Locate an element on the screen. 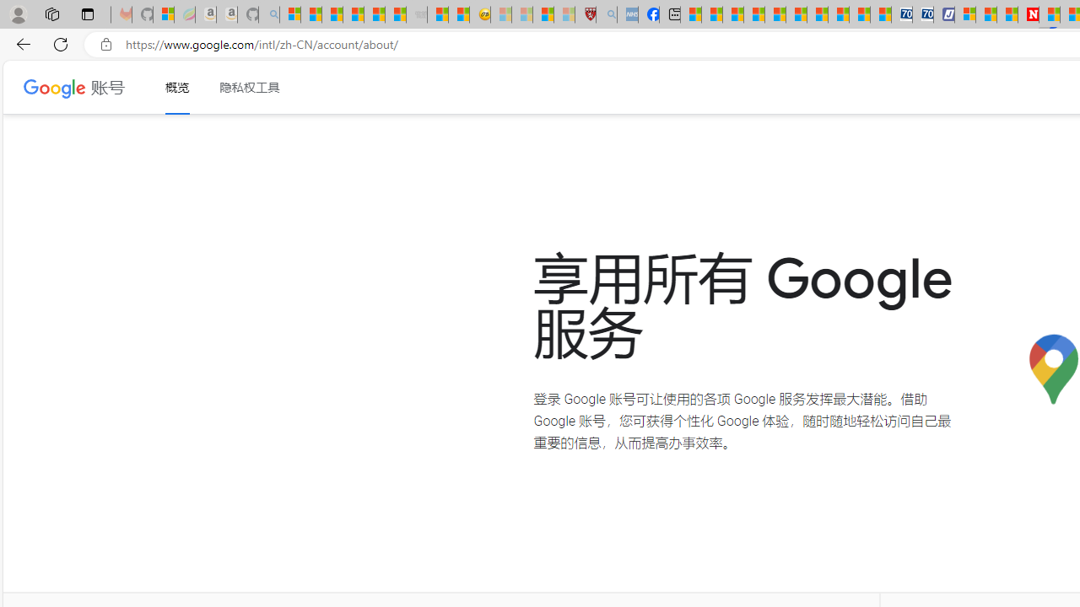 The image size is (1080, 607). 'Combat Siege - Sleeping' is located at coordinates (417, 14).